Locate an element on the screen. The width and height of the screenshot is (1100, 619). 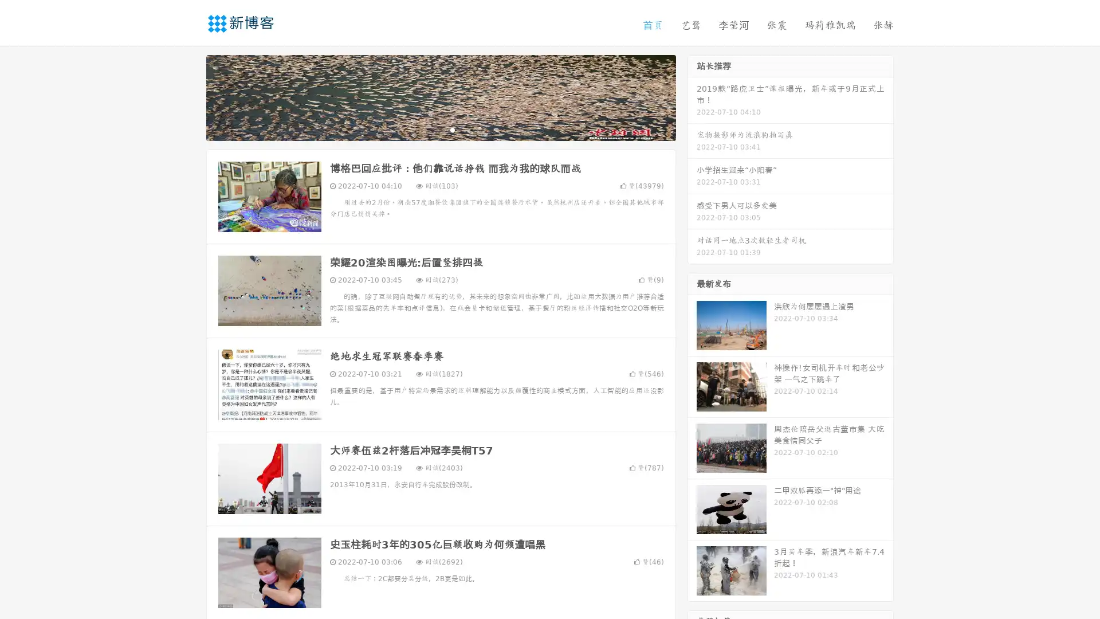
Go to slide 3 is located at coordinates (452, 129).